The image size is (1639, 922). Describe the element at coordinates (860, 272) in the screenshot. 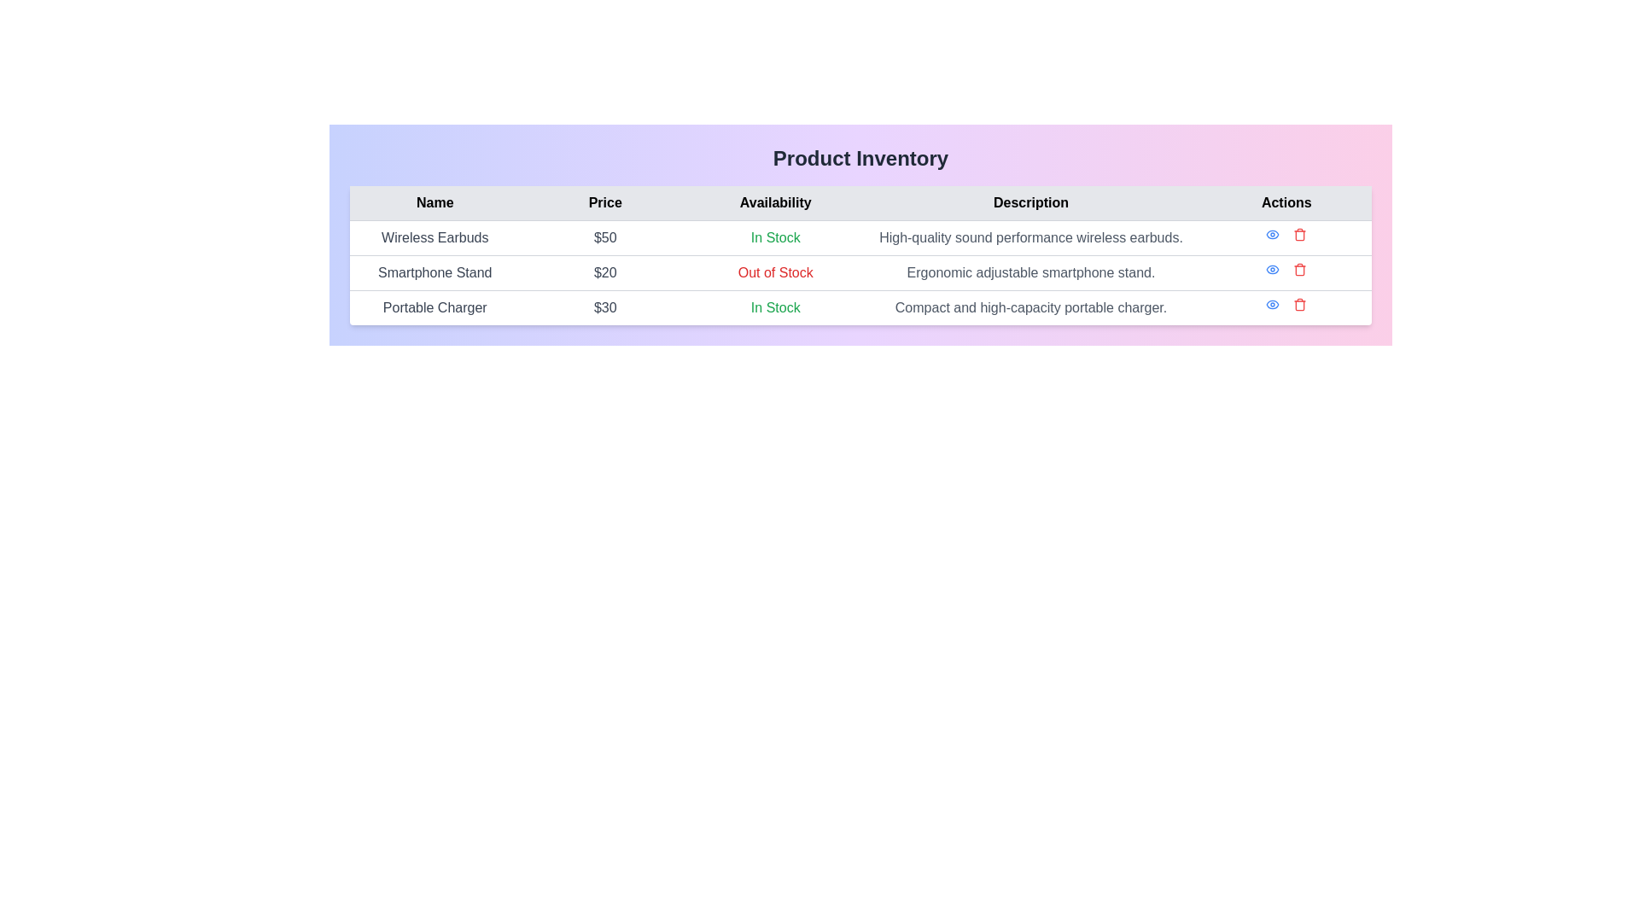

I see `availability status of the second row in the Product Inventory table, which contains detailed information about a specific product` at that location.